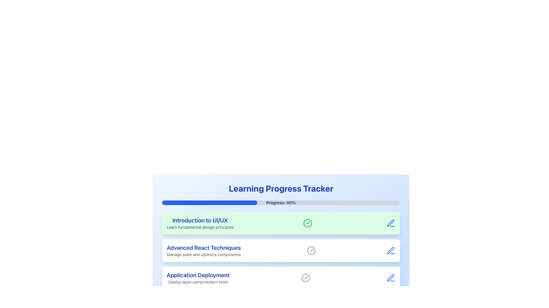 This screenshot has width=549, height=308. I want to click on the text label displaying 'Introduction to UI/UX' and 'Learn fundamental design principles', which is located in the top portion of a green background section, directly below the 'Learning Progress Tracker' heading, so click(200, 223).